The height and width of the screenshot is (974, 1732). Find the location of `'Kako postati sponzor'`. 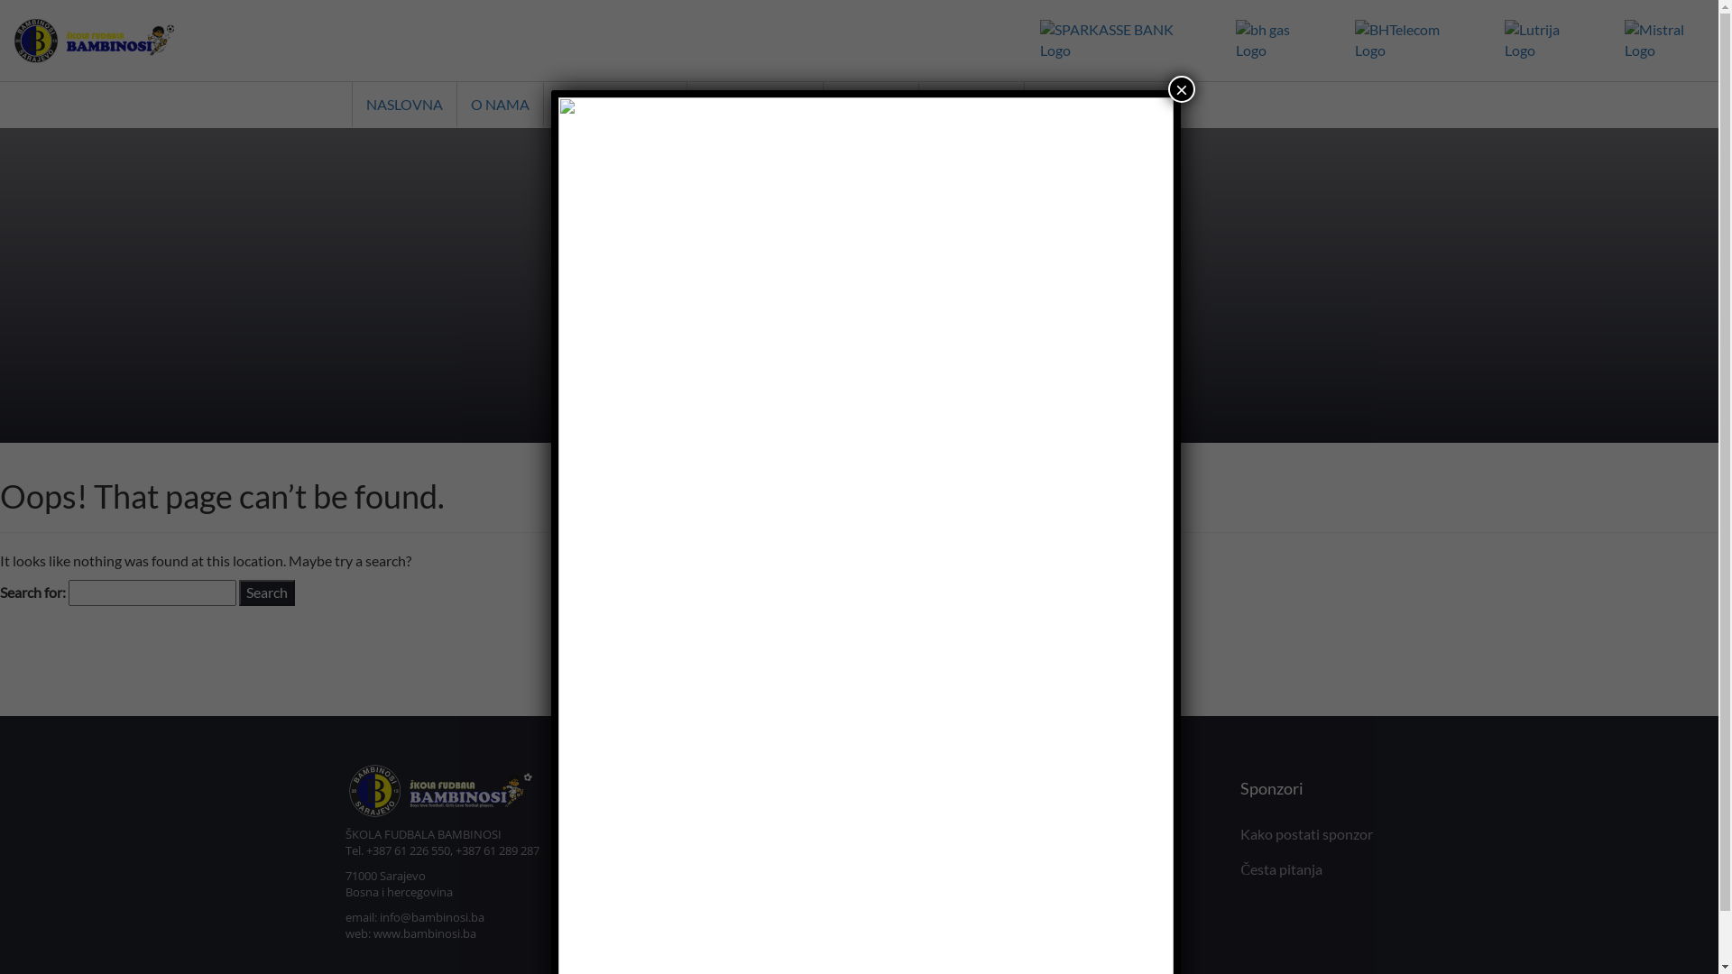

'Kako postati sponzor' is located at coordinates (1306, 833).